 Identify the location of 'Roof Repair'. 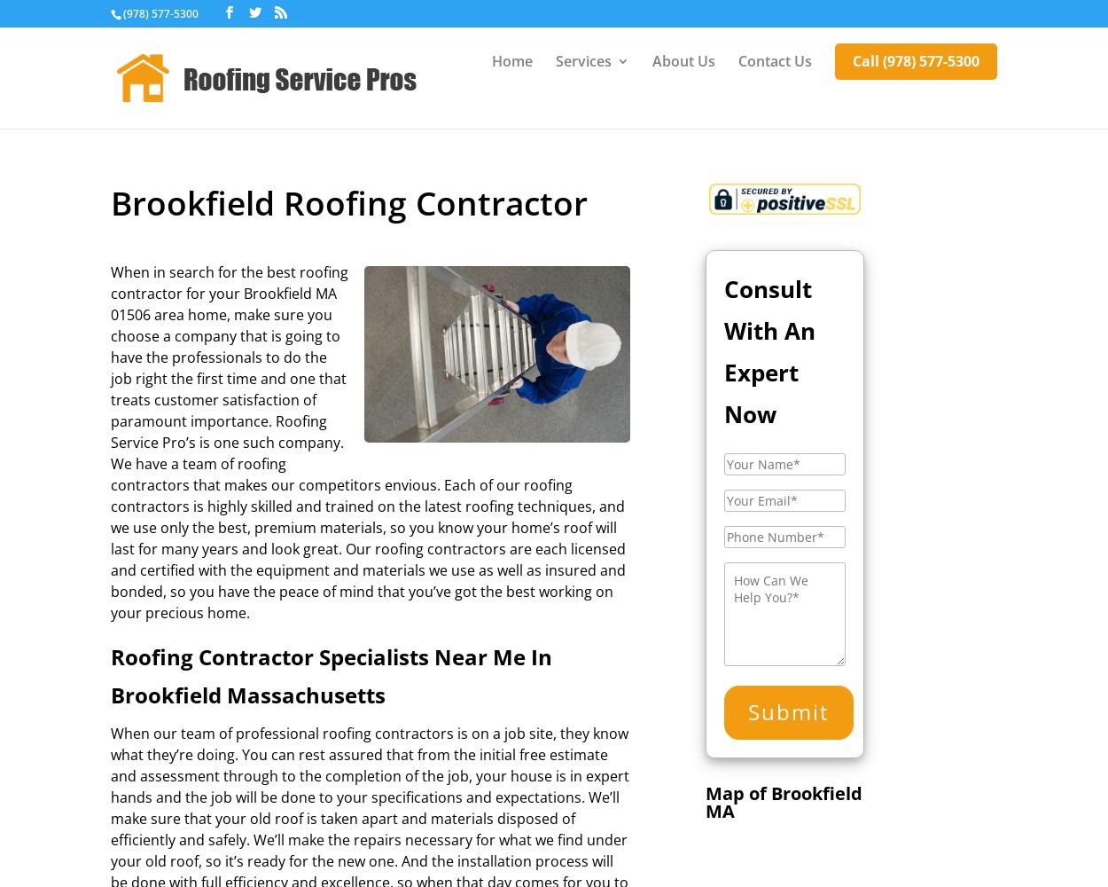
(629, 297).